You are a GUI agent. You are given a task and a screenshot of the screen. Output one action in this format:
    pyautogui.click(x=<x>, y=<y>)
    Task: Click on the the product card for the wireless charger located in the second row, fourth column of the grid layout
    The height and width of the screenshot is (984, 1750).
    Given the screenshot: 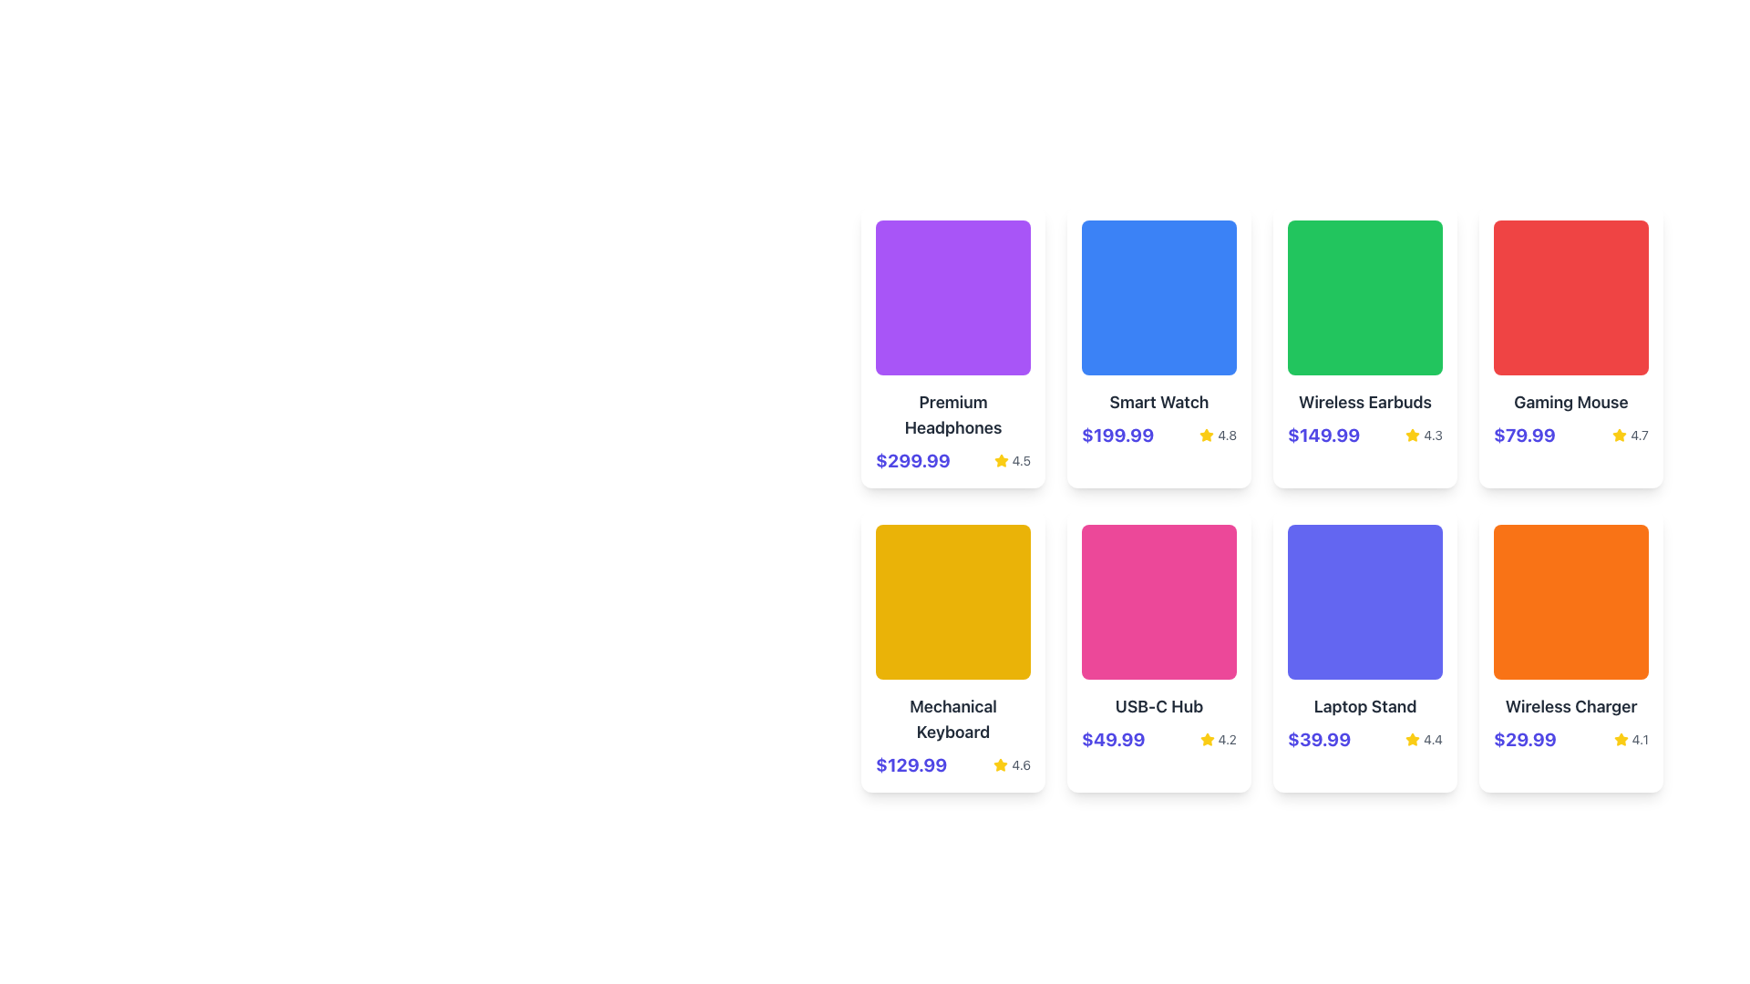 What is the action you would take?
    pyautogui.click(x=1570, y=650)
    